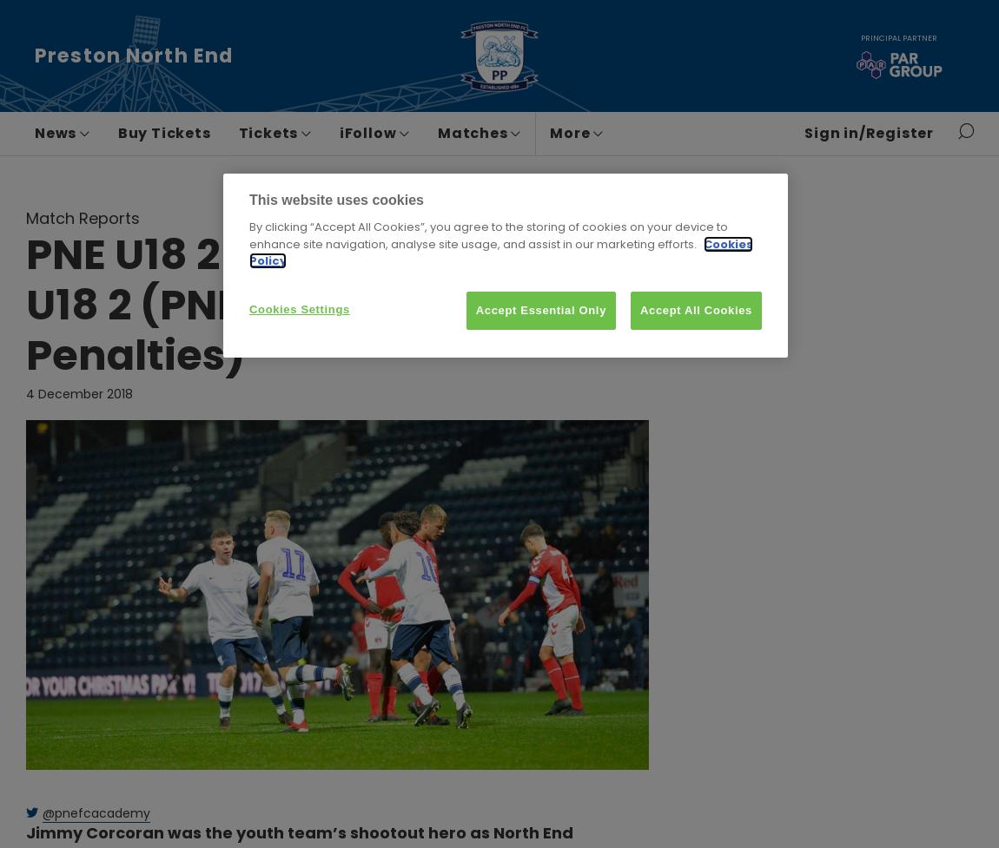 This screenshot has height=848, width=999. I want to click on '@pnefcacademy', so click(95, 811).